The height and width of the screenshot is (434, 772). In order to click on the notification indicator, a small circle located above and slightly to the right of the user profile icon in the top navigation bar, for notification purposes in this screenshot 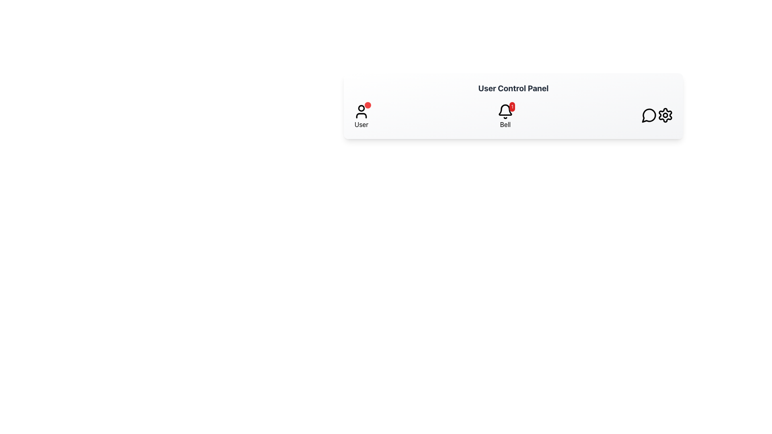, I will do `click(361, 108)`.